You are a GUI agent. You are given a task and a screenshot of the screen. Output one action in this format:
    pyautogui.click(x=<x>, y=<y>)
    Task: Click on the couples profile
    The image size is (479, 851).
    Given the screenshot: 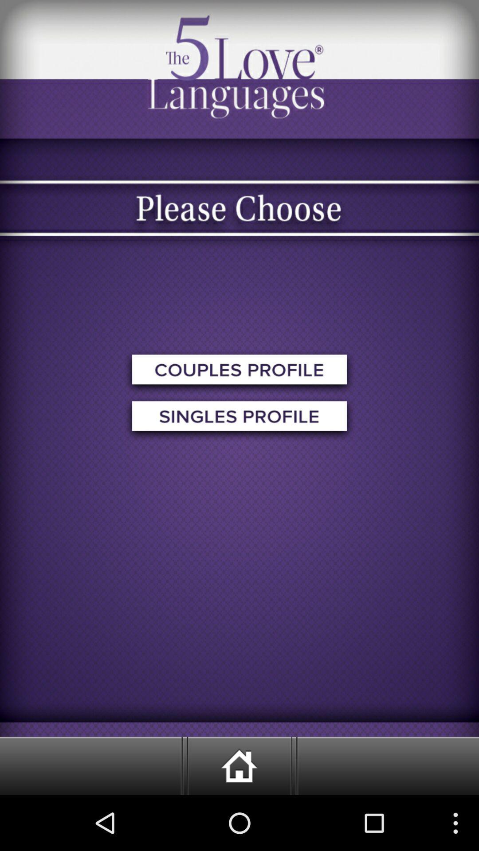 What is the action you would take?
    pyautogui.click(x=239, y=372)
    